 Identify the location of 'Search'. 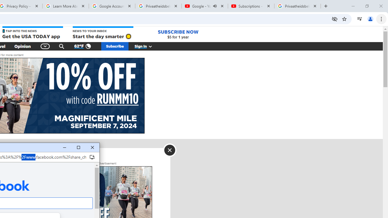
(62, 46).